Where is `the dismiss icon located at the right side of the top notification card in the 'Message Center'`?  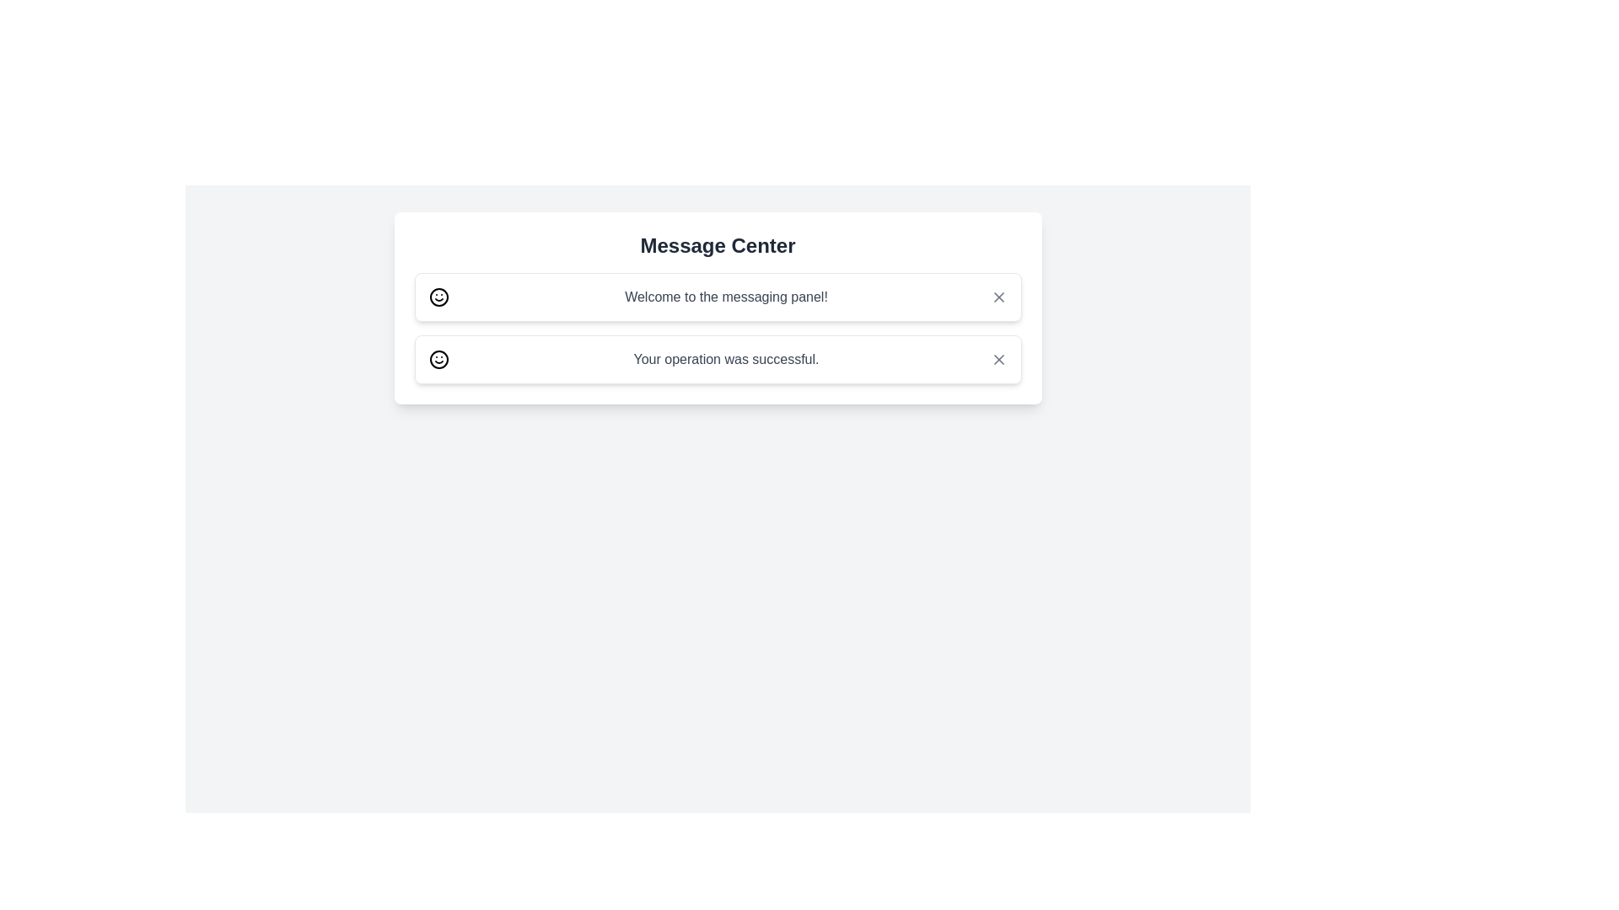 the dismiss icon located at the right side of the top notification card in the 'Message Center' is located at coordinates (998, 297).